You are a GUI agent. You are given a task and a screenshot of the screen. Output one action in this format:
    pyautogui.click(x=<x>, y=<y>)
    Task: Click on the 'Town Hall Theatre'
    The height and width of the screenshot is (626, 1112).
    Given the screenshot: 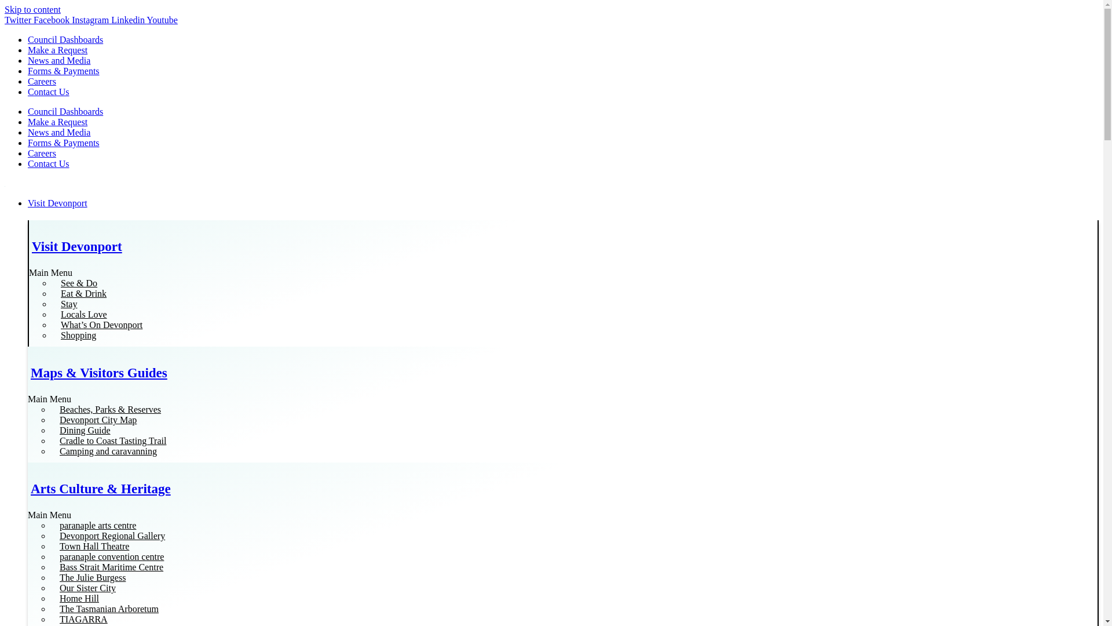 What is the action you would take?
    pyautogui.click(x=94, y=546)
    